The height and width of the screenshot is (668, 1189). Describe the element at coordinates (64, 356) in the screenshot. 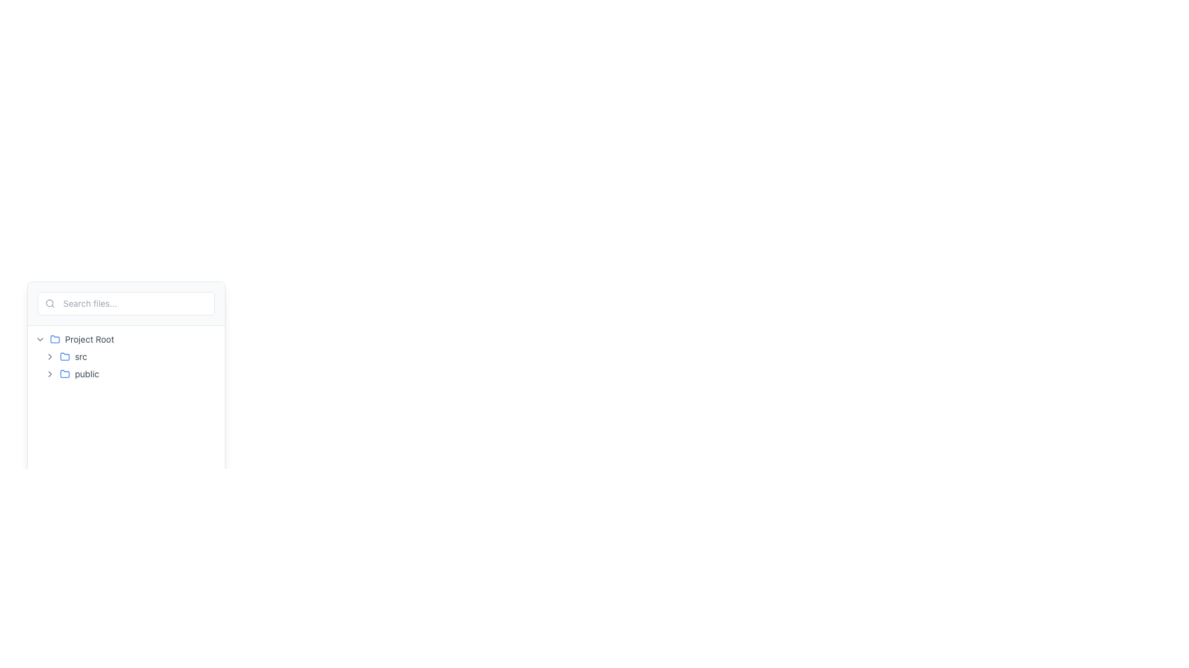

I see `the small blue folder icon representing the 'src' directory in the file tree, located in the left panel of the interface` at that location.